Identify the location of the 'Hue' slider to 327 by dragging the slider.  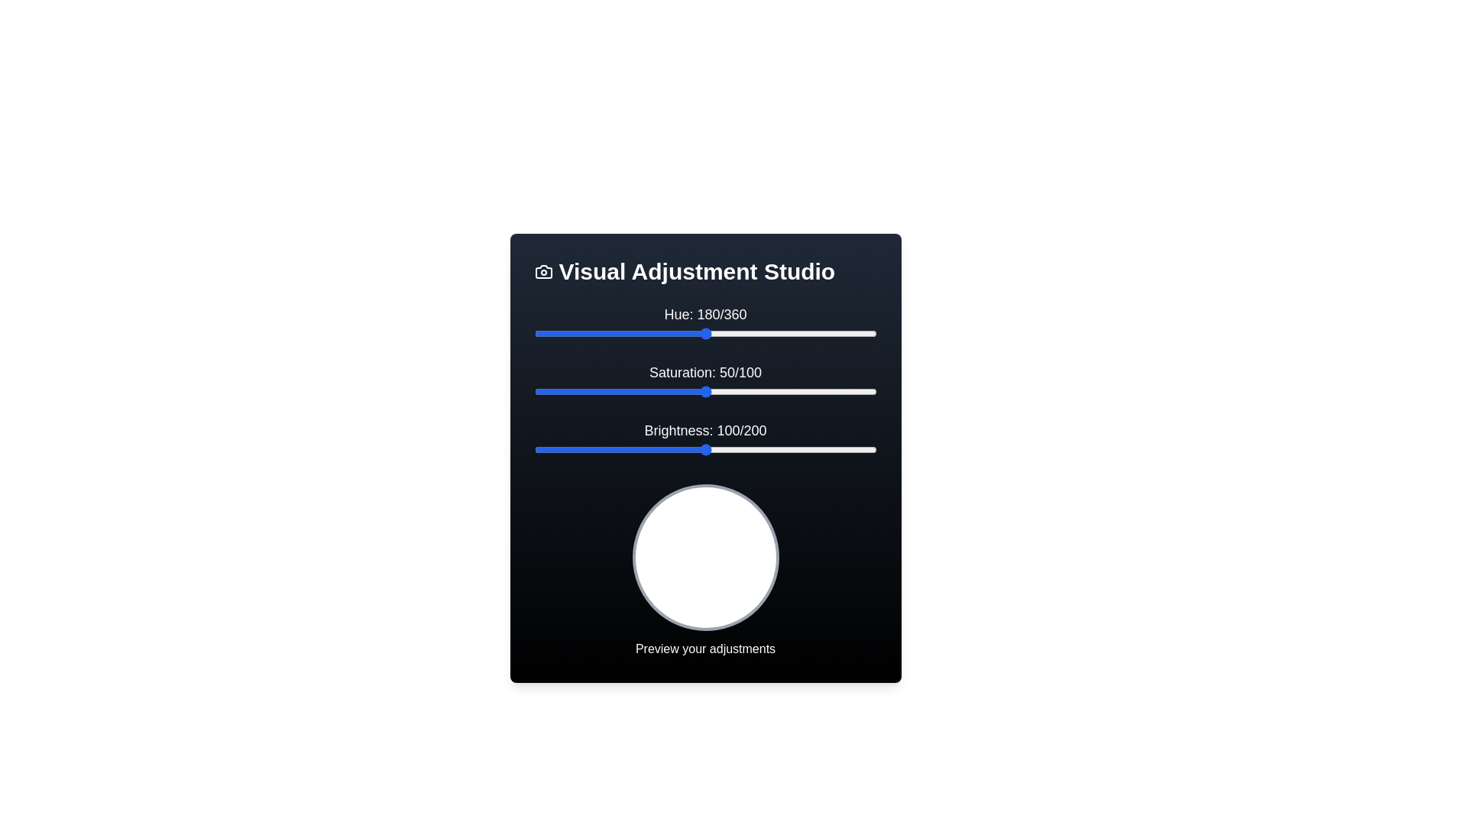
(844, 332).